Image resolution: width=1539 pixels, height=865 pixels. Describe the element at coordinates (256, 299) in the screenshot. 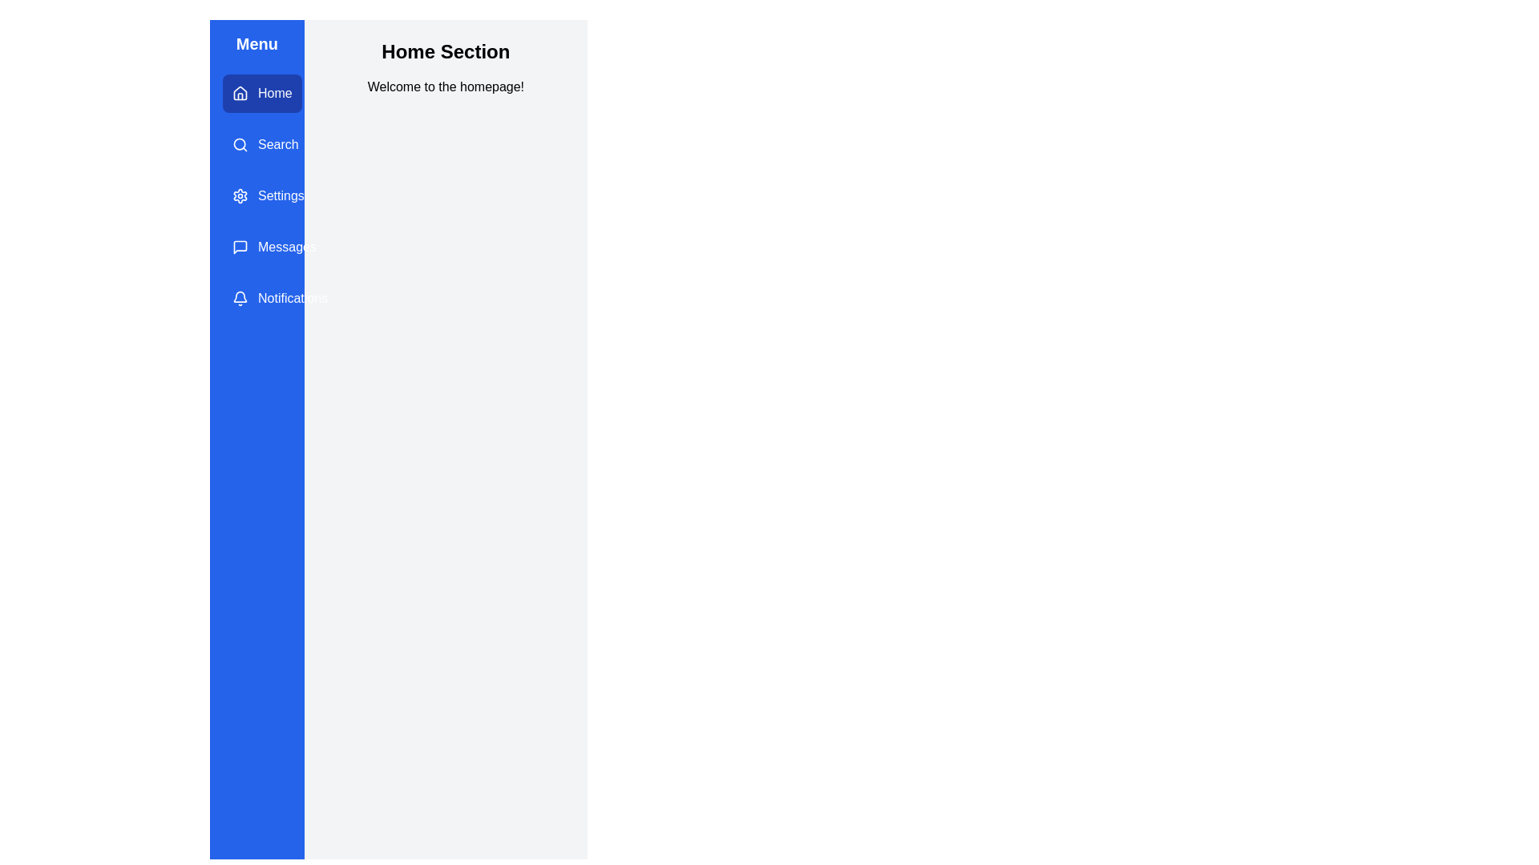

I see `the 'Notifications' button` at that location.